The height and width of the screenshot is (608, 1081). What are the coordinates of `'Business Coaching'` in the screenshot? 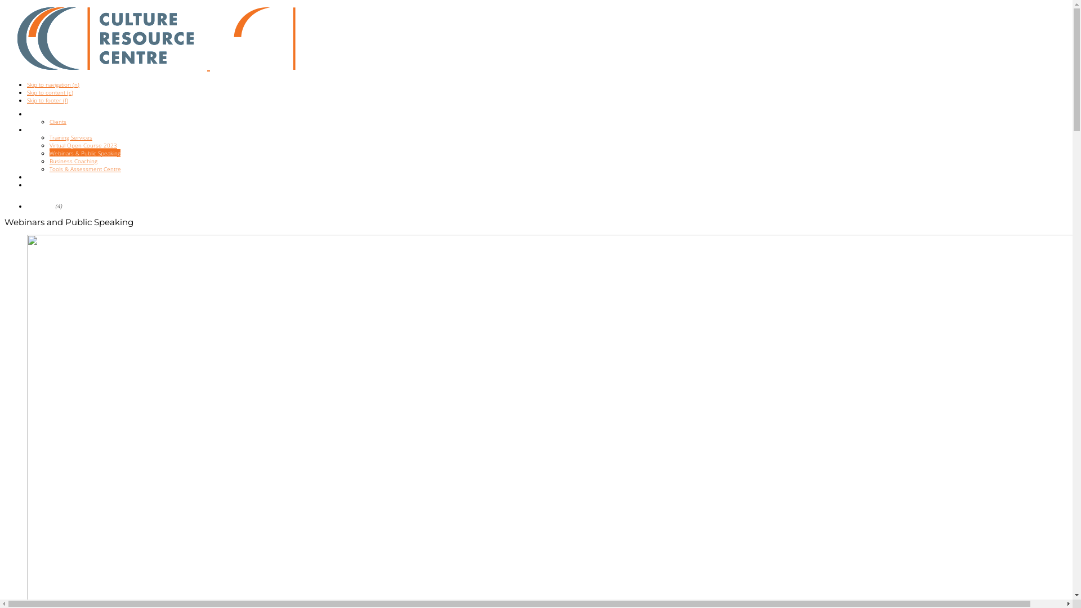 It's located at (48, 160).